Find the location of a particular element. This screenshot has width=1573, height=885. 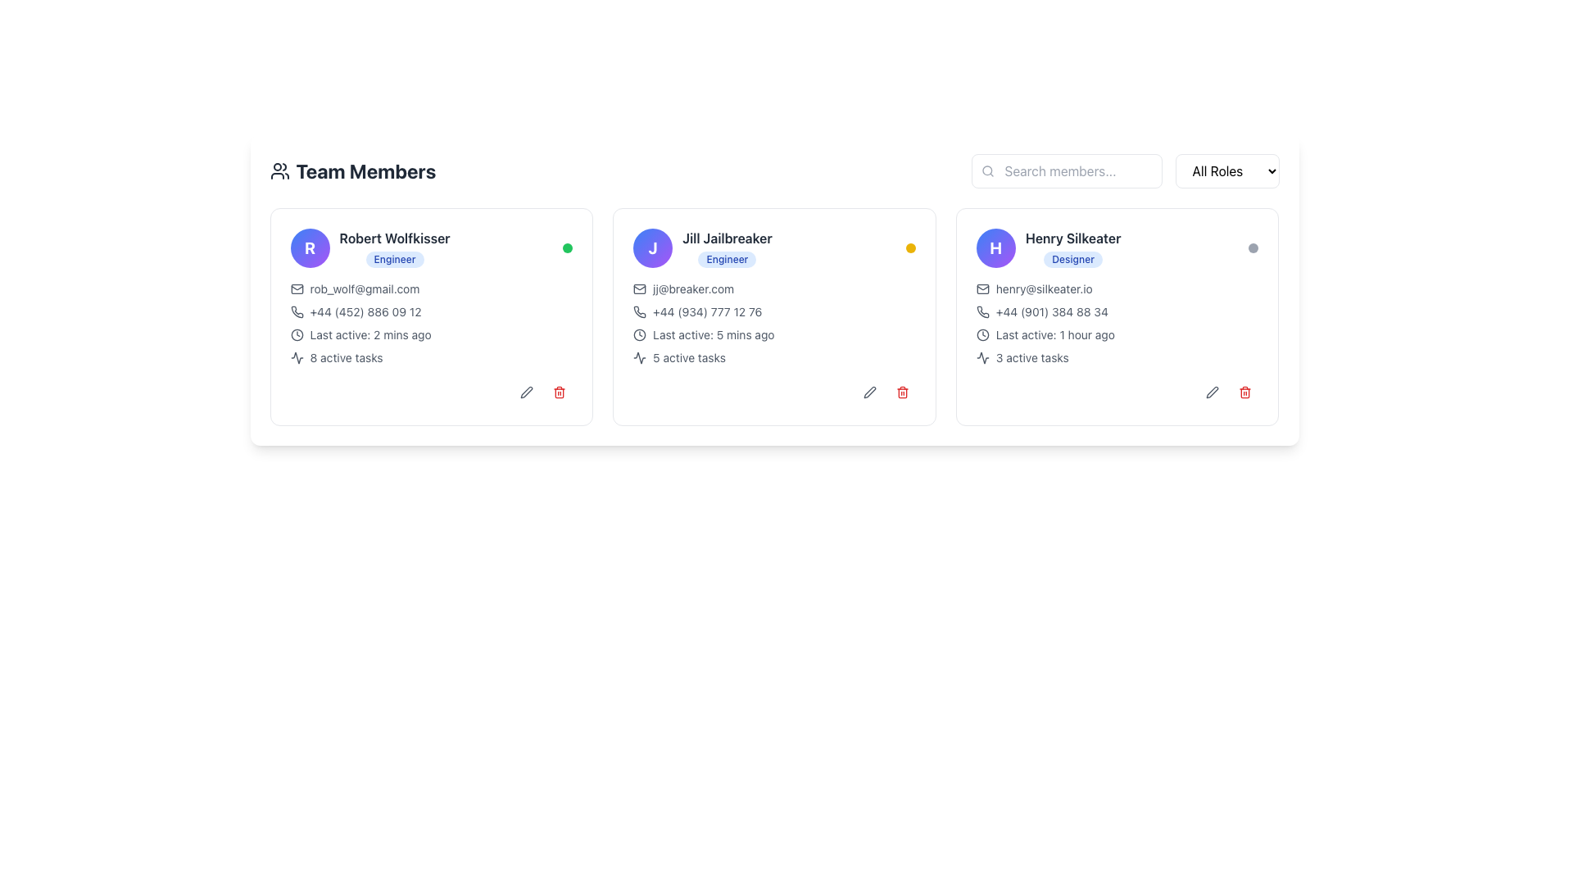

the 'Engineer' badge located below the name 'Jill Jailbreaker' within the contact card is located at coordinates (727, 258).